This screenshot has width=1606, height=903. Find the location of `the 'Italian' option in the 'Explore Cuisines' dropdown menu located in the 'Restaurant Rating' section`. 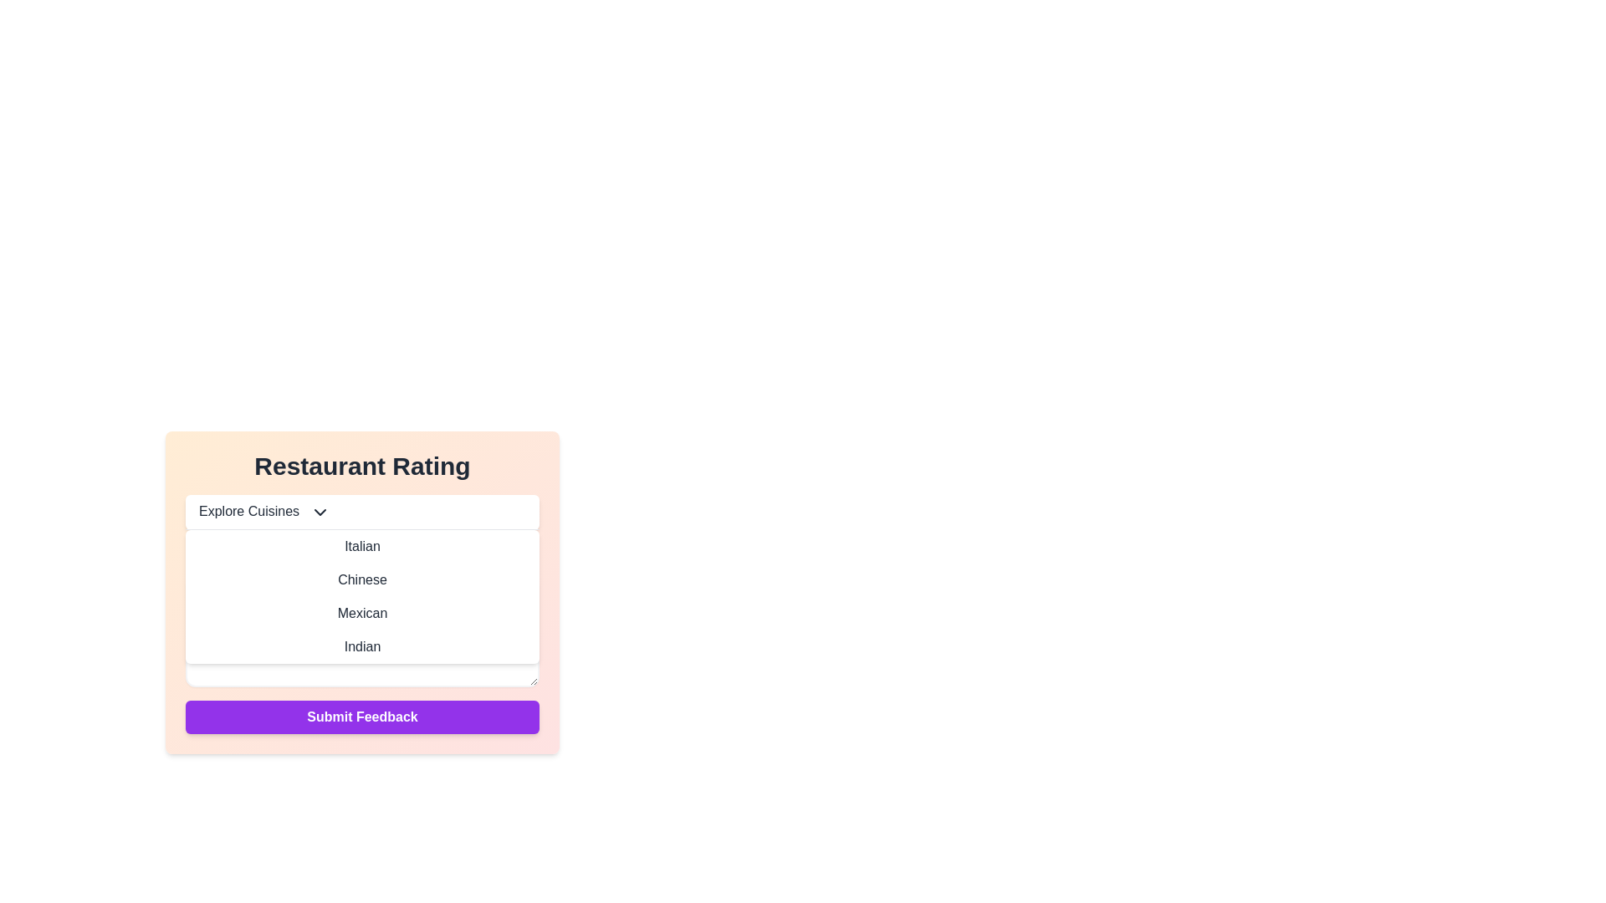

the 'Italian' option in the 'Explore Cuisines' dropdown menu located in the 'Restaurant Rating' section is located at coordinates (361, 553).